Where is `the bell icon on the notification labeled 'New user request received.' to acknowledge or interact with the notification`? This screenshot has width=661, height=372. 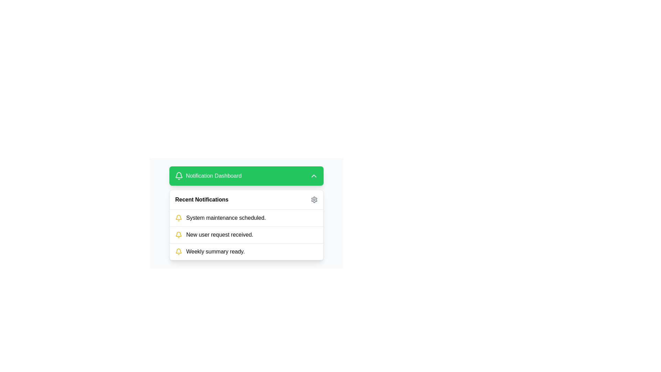
the bell icon on the notification labeled 'New user request received.' to acknowledge or interact with the notification is located at coordinates (246, 234).